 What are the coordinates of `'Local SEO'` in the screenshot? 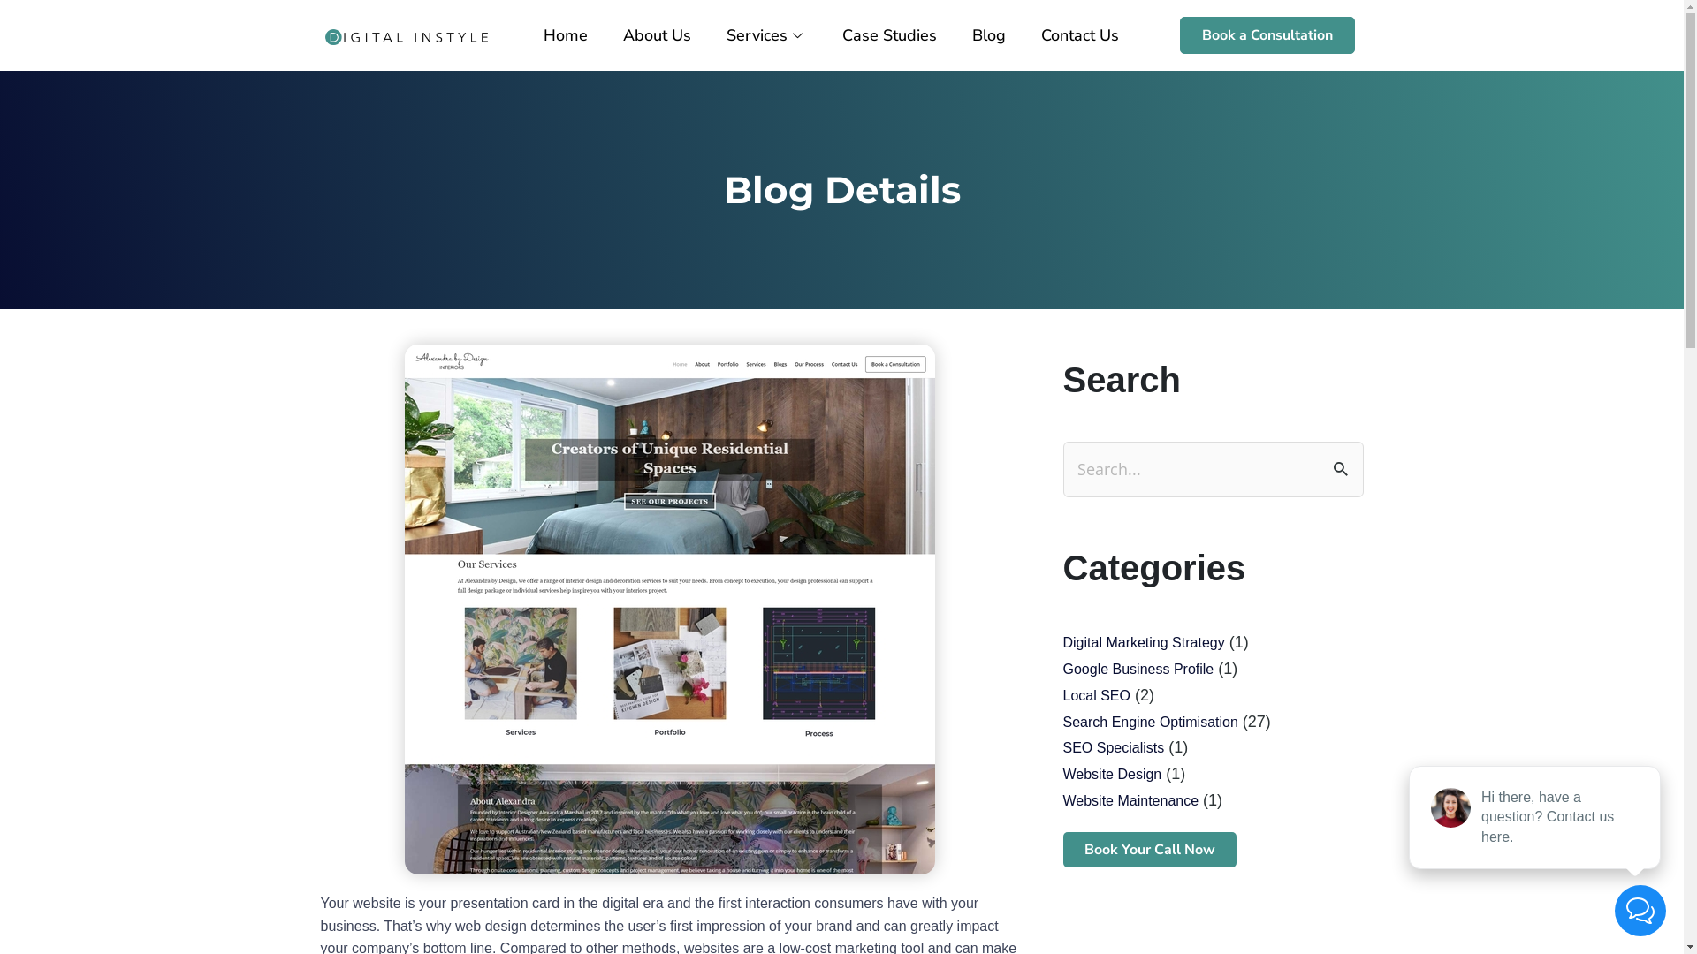 It's located at (1094, 694).